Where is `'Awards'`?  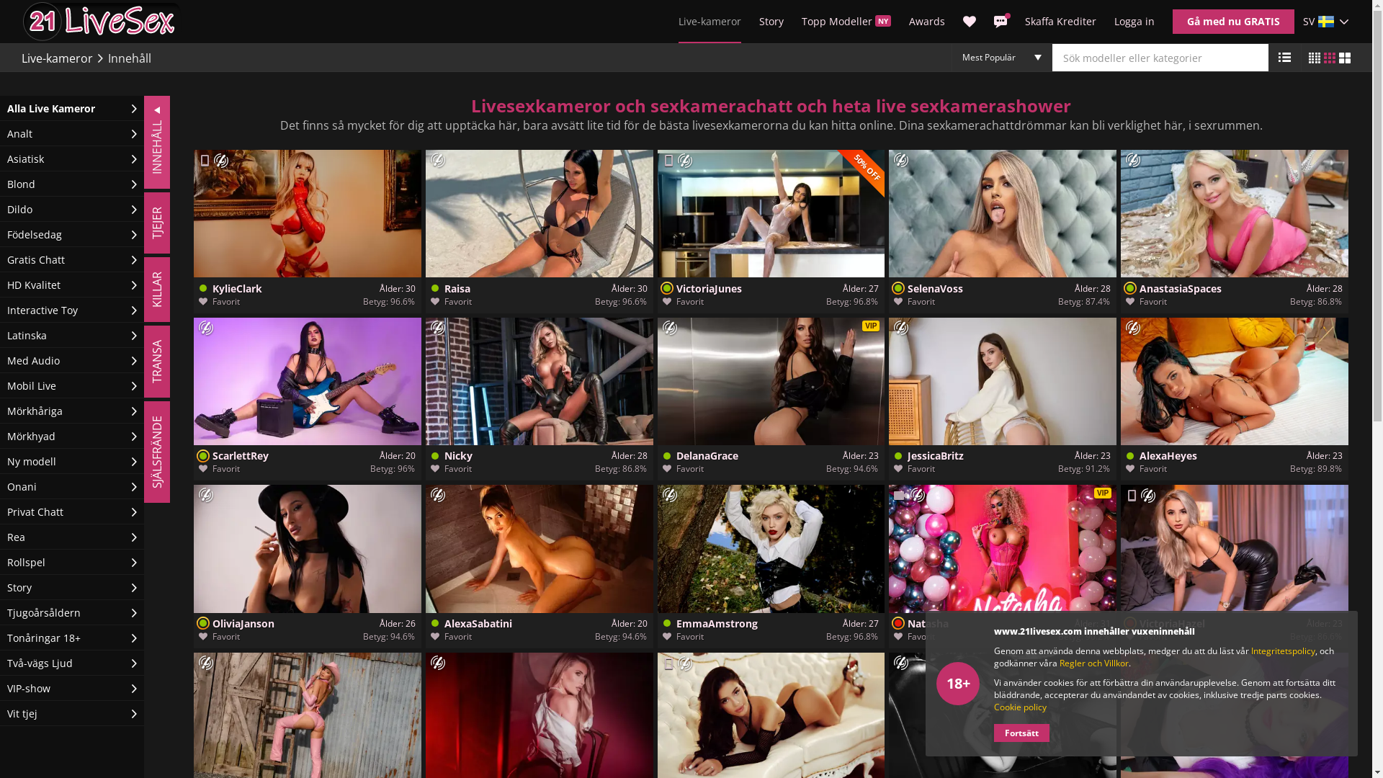 'Awards' is located at coordinates (926, 22).